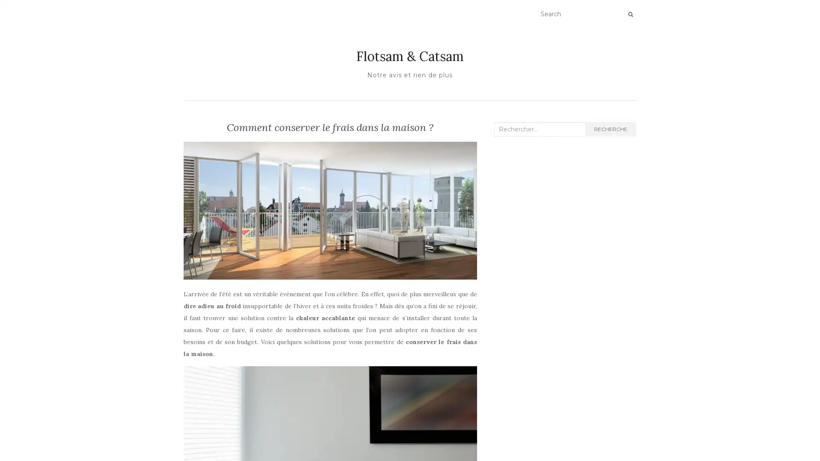  Describe the element at coordinates (610, 129) in the screenshot. I see `RECHERCHE` at that location.